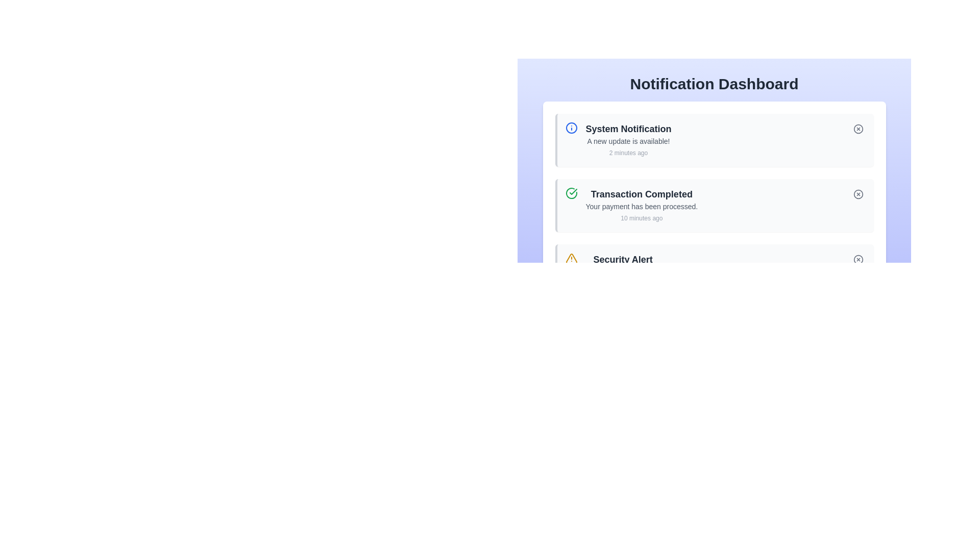 This screenshot has width=980, height=551. Describe the element at coordinates (571, 127) in the screenshot. I see `the circular graphical component of the information icon located in the 'System Notification' by clicking on it for additional information` at that location.